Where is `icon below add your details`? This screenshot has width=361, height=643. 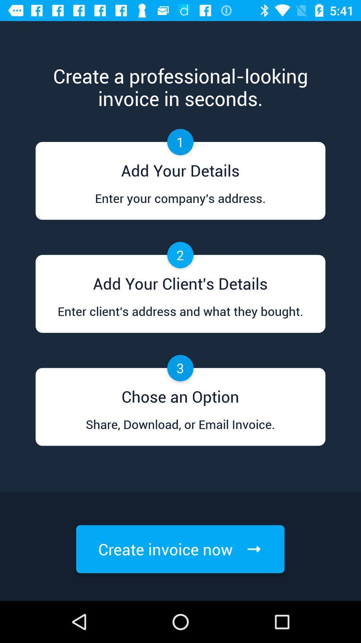 icon below add your details is located at coordinates (180, 204).